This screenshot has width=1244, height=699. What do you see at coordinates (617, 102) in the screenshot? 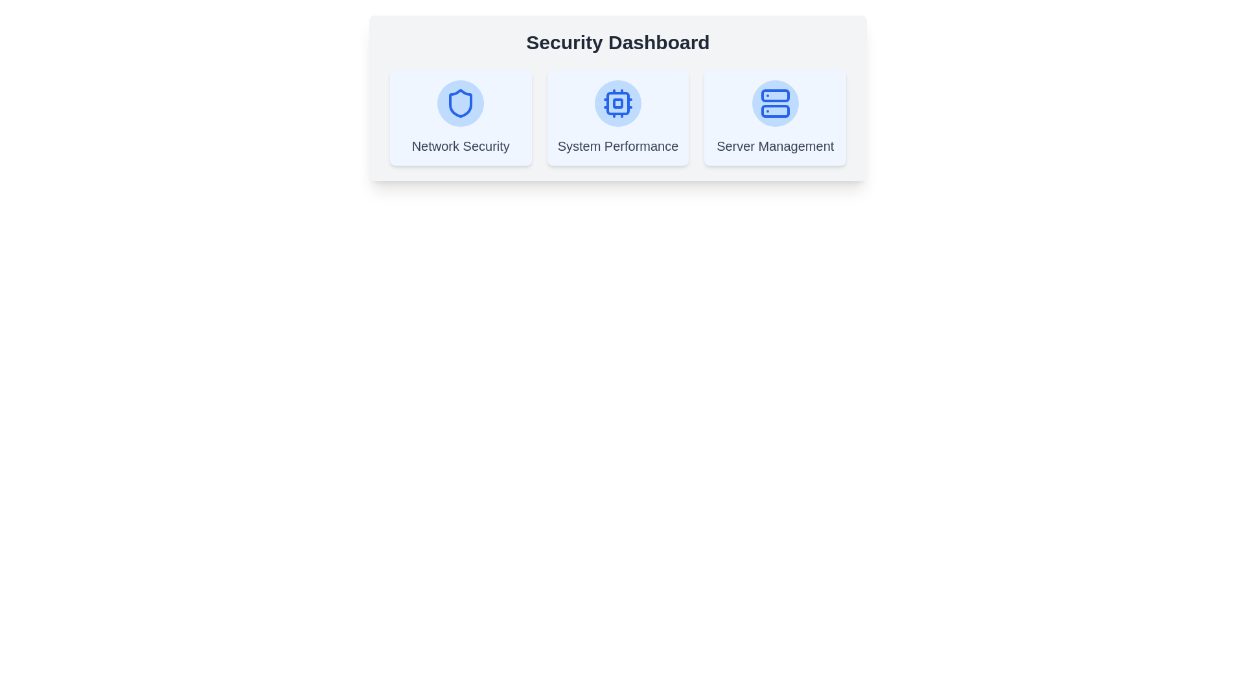
I see `the central decorative square component of the CPU icon, which is part of the 'System Performance' dashboard item` at bounding box center [617, 102].